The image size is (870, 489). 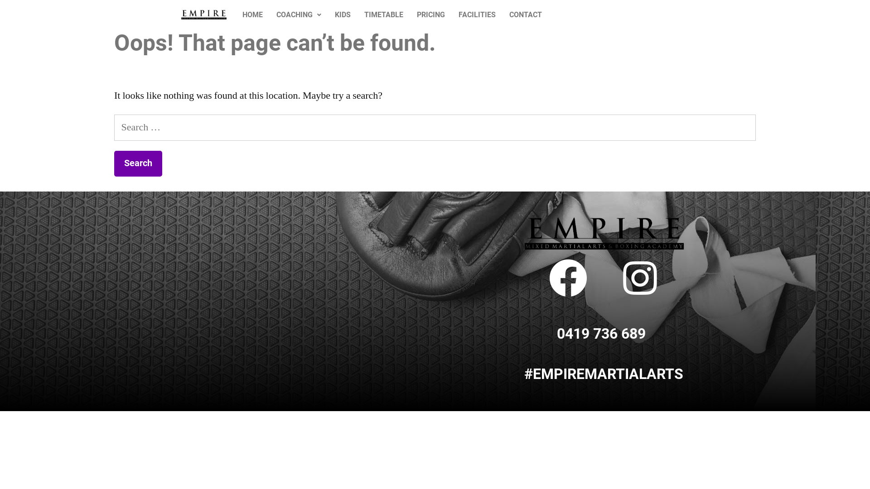 What do you see at coordinates (299, 15) in the screenshot?
I see `'COACHING'` at bounding box center [299, 15].